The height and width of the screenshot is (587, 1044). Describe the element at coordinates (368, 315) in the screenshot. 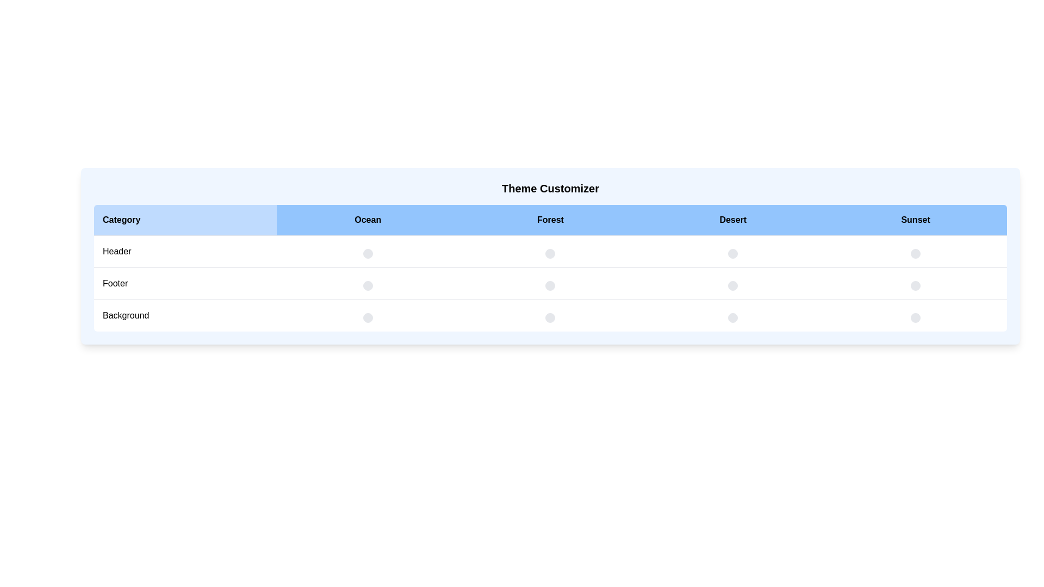

I see `the circular button in the 'Background' row, specifically the second button under the 'Ocean' theme` at that location.